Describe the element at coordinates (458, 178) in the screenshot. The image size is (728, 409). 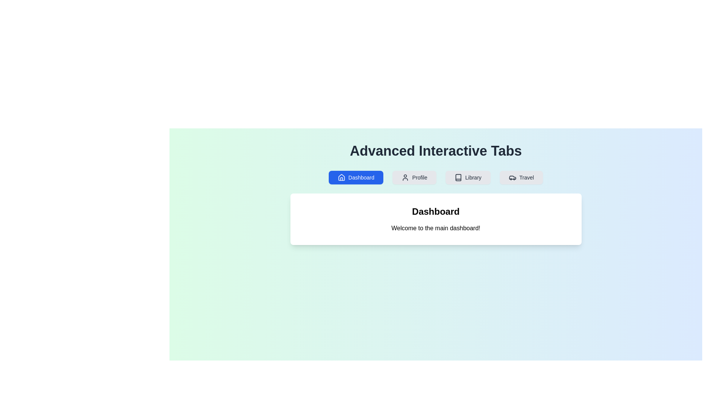
I see `the book icon inside the 'Library' button, which is styled in a minimalistic line design and represents reading or collections` at that location.